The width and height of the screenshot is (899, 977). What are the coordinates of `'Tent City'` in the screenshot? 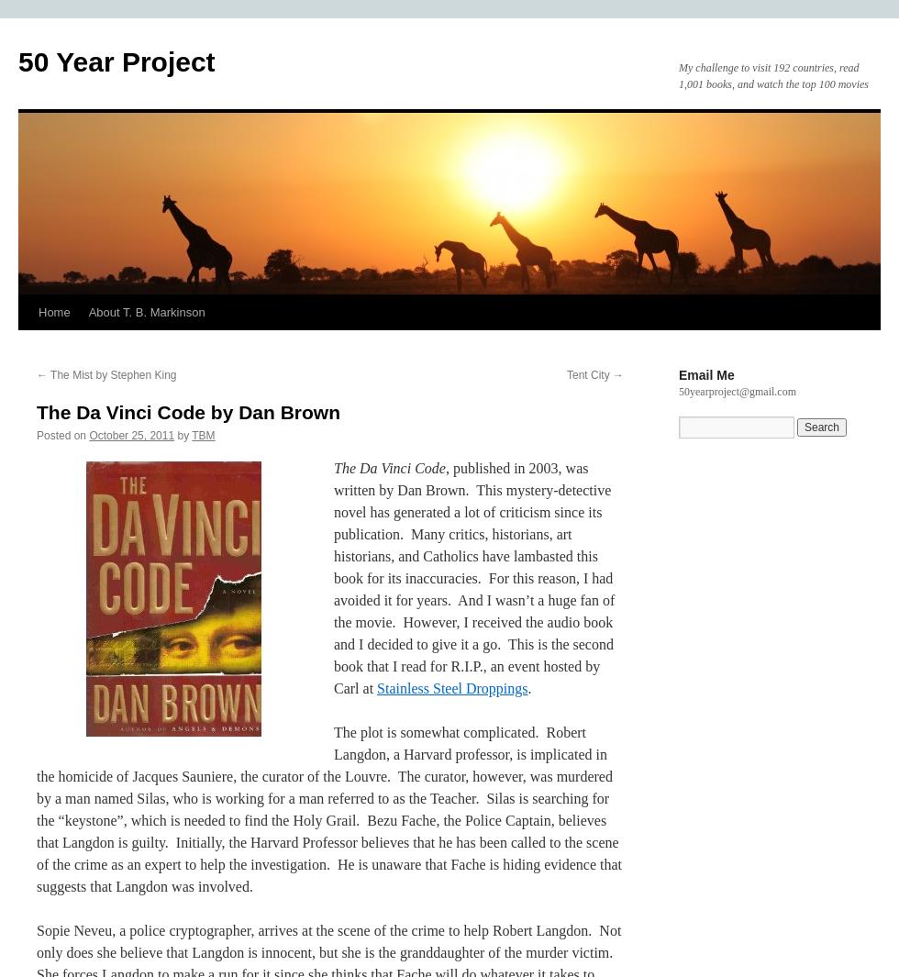 It's located at (589, 373).